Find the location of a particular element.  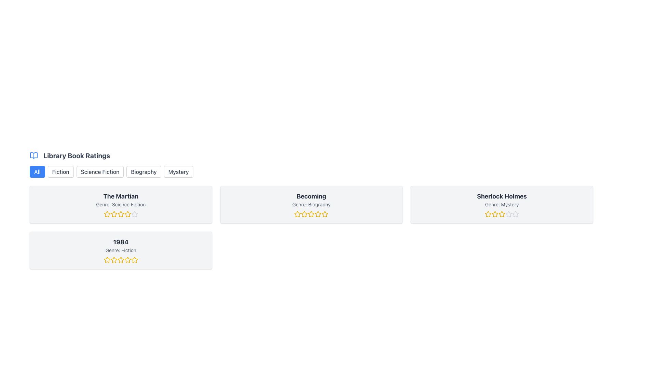

the third star icon in the rating row for the book 'Becoming' is located at coordinates (304, 214).